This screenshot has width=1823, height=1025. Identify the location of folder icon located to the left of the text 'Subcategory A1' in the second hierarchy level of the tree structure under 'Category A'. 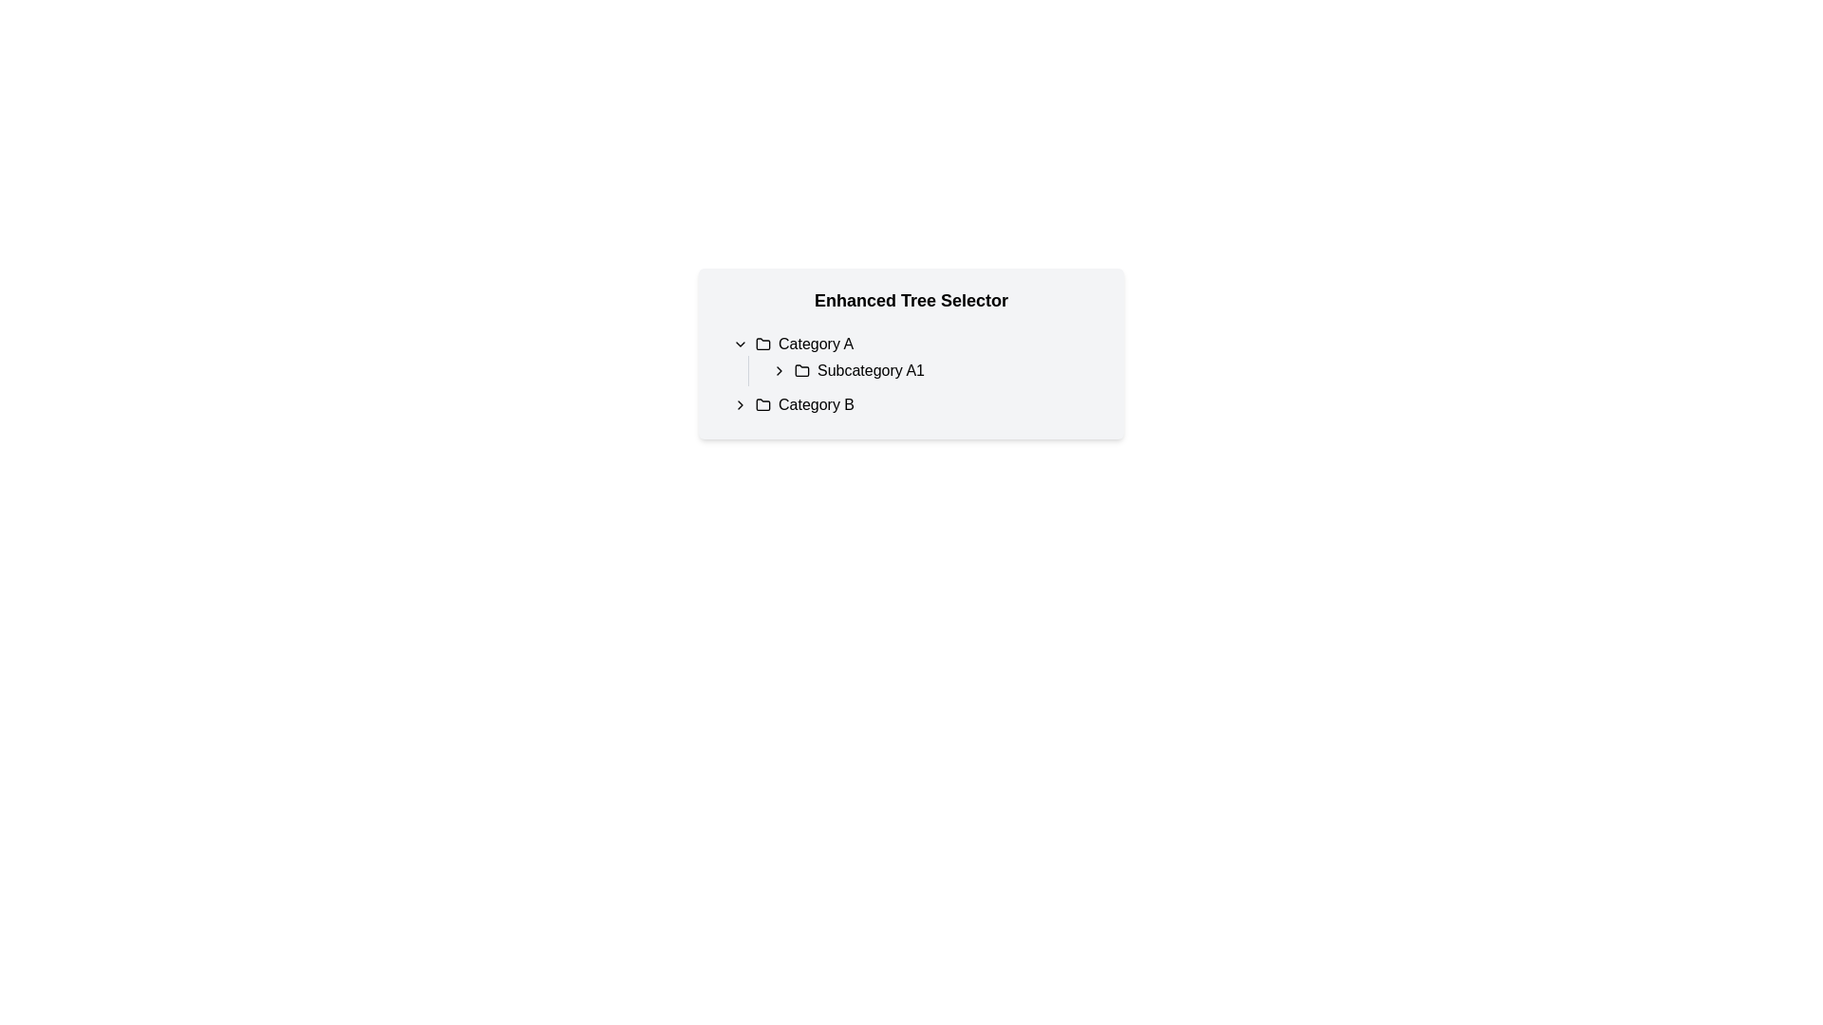
(801, 370).